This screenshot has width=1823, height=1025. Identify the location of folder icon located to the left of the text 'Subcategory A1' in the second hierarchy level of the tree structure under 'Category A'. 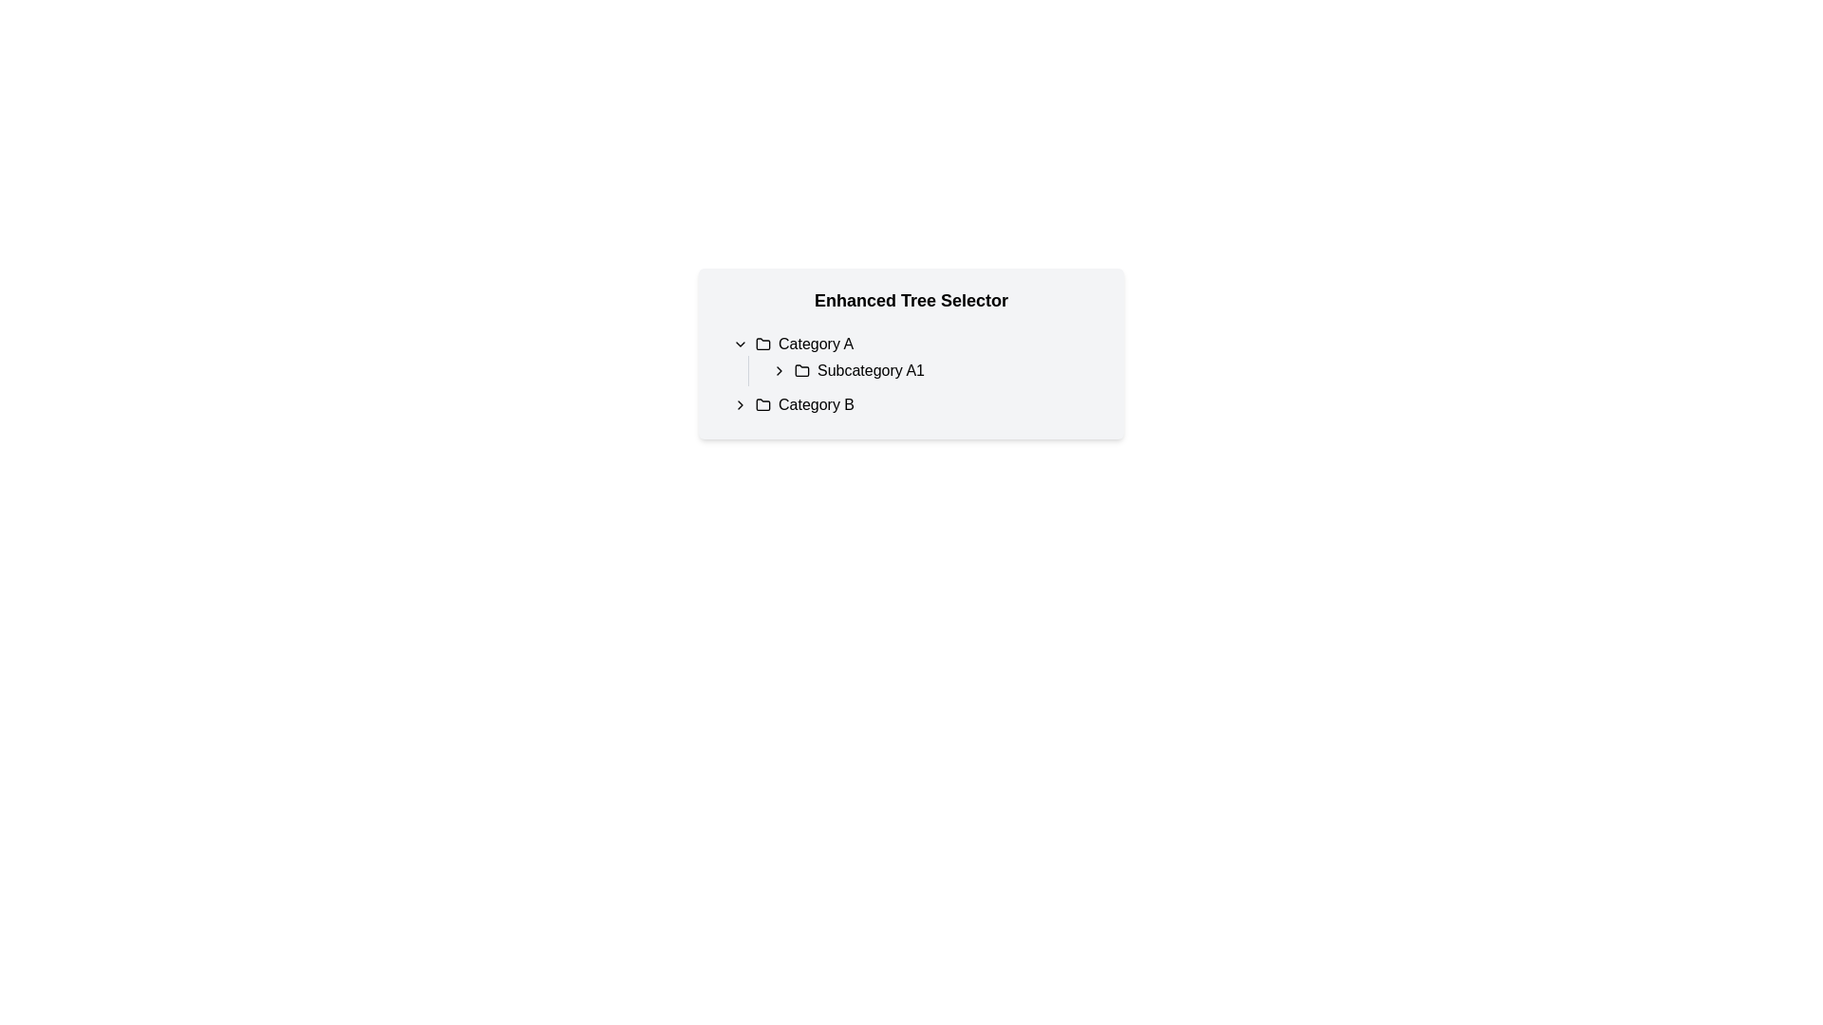
(801, 370).